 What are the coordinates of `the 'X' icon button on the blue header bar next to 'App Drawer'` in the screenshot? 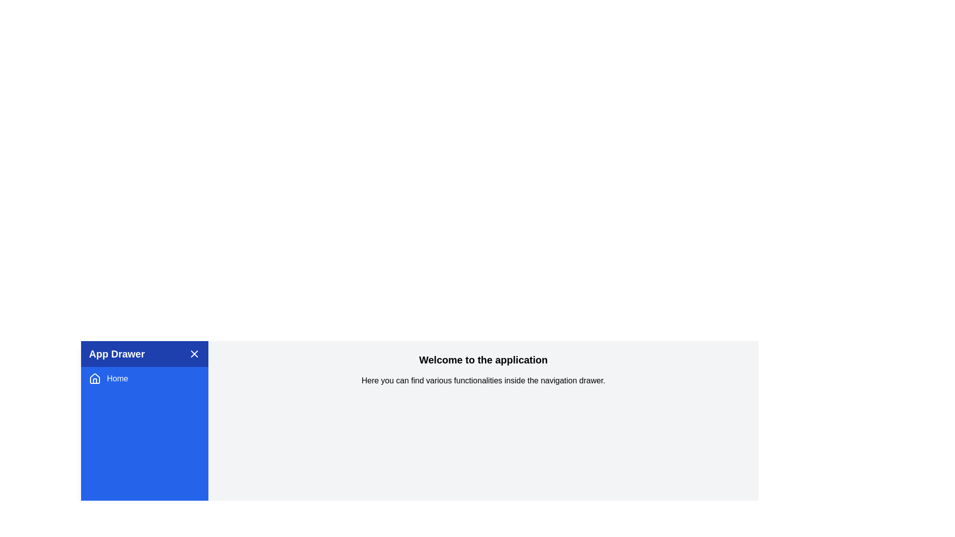 It's located at (194, 354).